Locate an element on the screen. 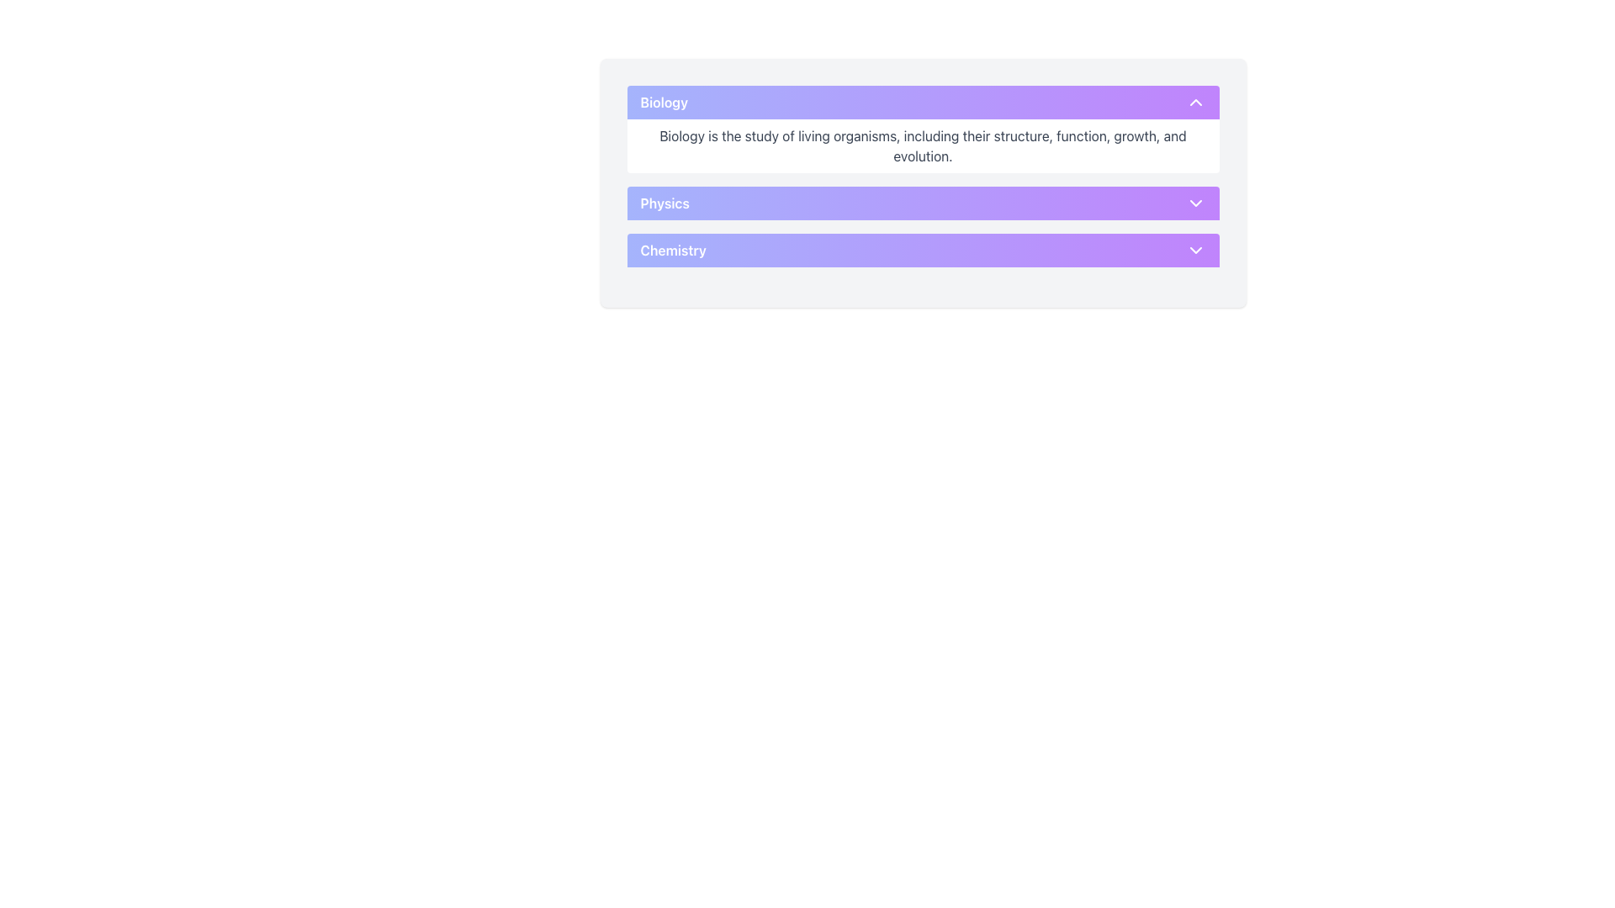 The width and height of the screenshot is (1615, 908). text content of the 'Biology' label, which is the leftmost component in a gradient-colored bar at the top of the subject headers is located at coordinates (663, 103).